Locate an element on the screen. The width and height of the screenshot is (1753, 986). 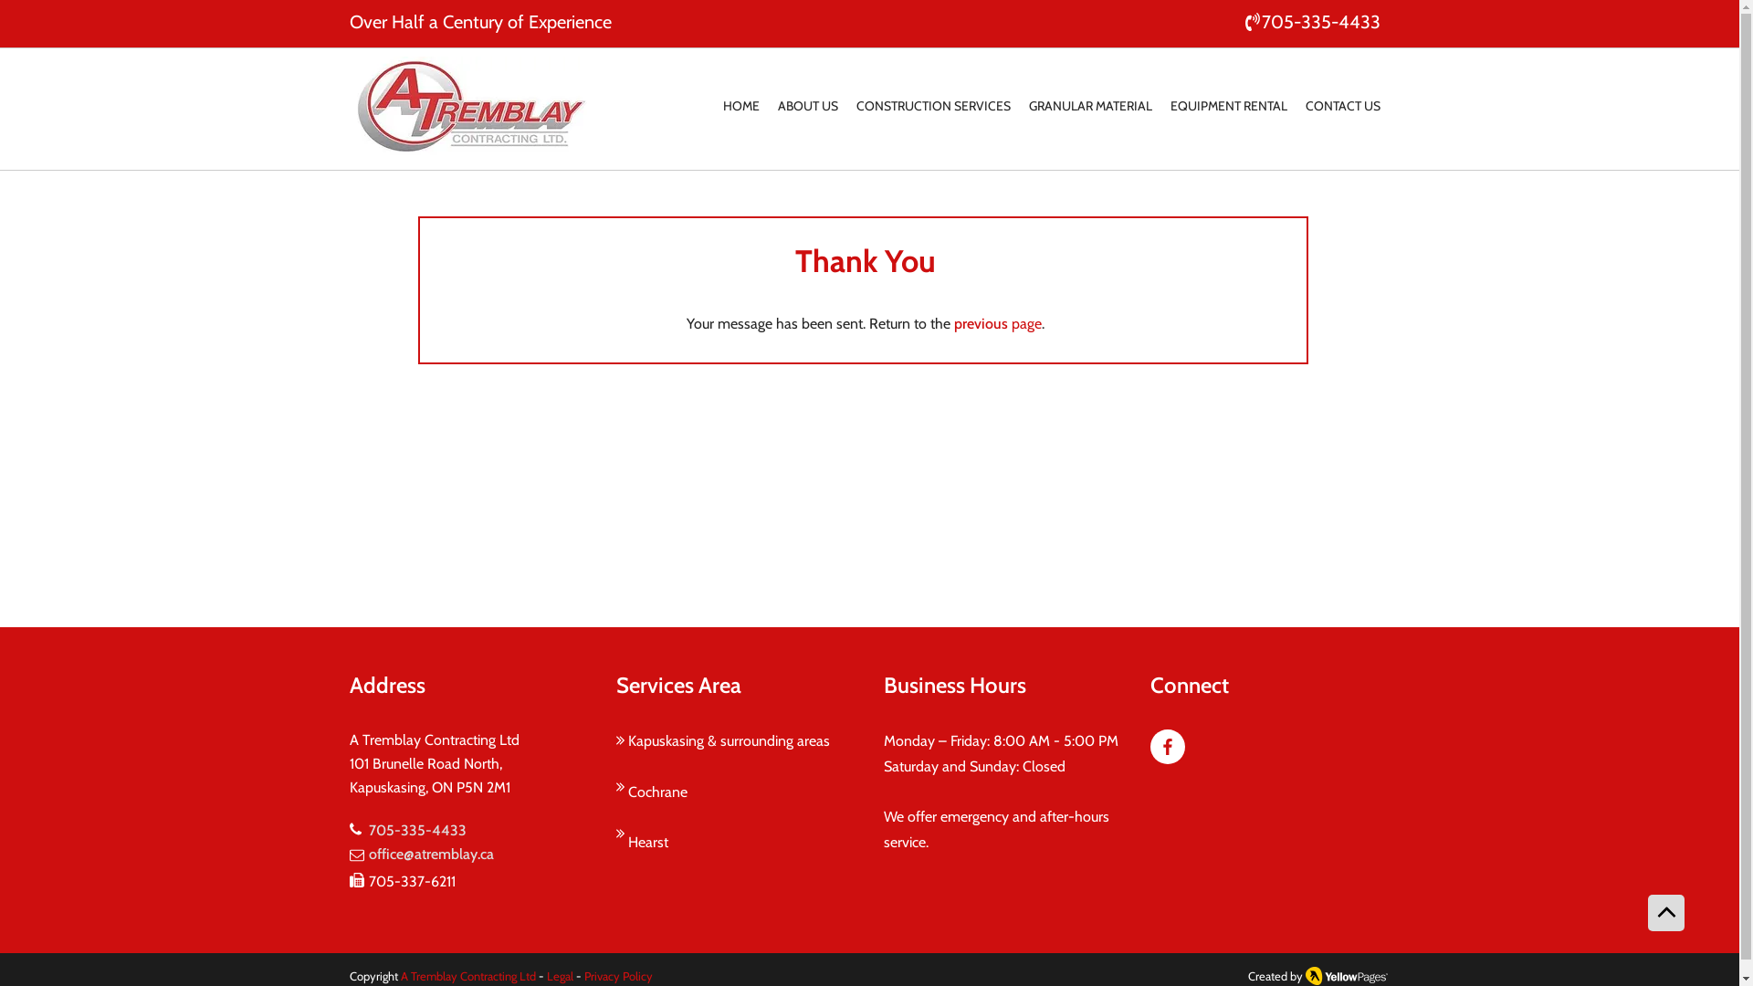
'Legal' is located at coordinates (557, 974).